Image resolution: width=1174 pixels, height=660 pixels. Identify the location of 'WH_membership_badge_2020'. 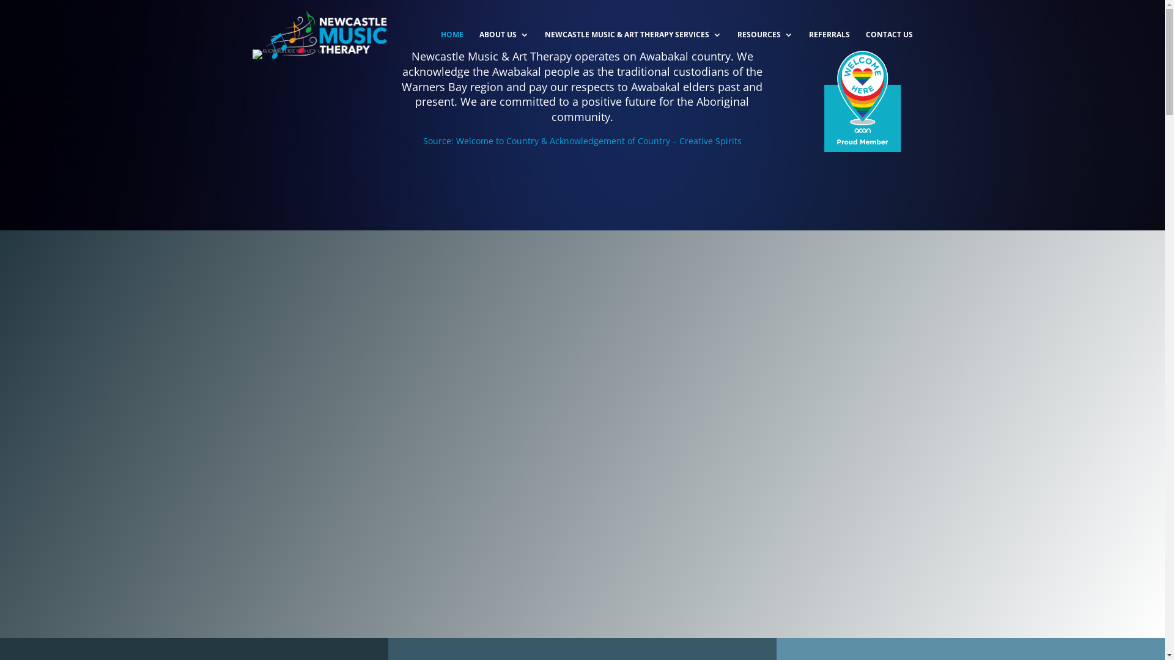
(810, 100).